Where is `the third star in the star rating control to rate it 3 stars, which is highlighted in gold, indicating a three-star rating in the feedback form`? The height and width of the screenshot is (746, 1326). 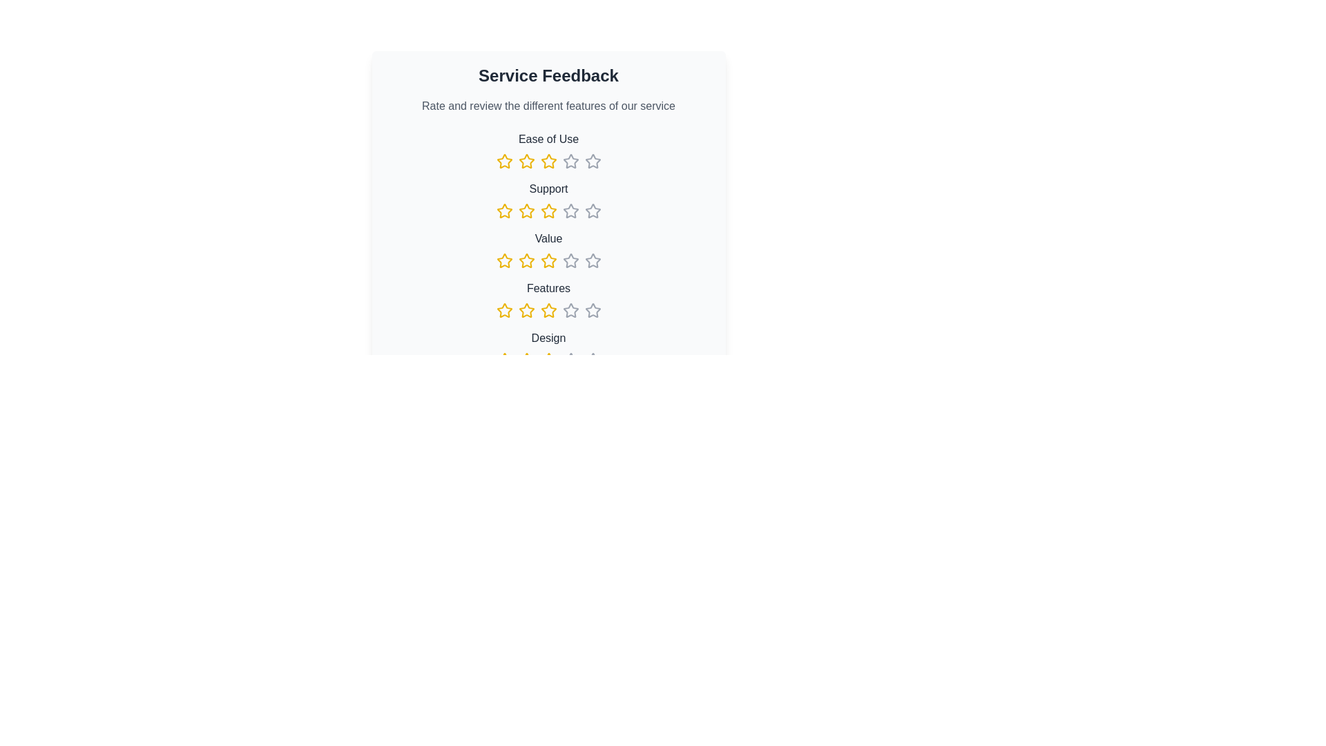
the third star in the star rating control to rate it 3 stars, which is highlighted in gold, indicating a three-star rating in the feedback form is located at coordinates (548, 261).